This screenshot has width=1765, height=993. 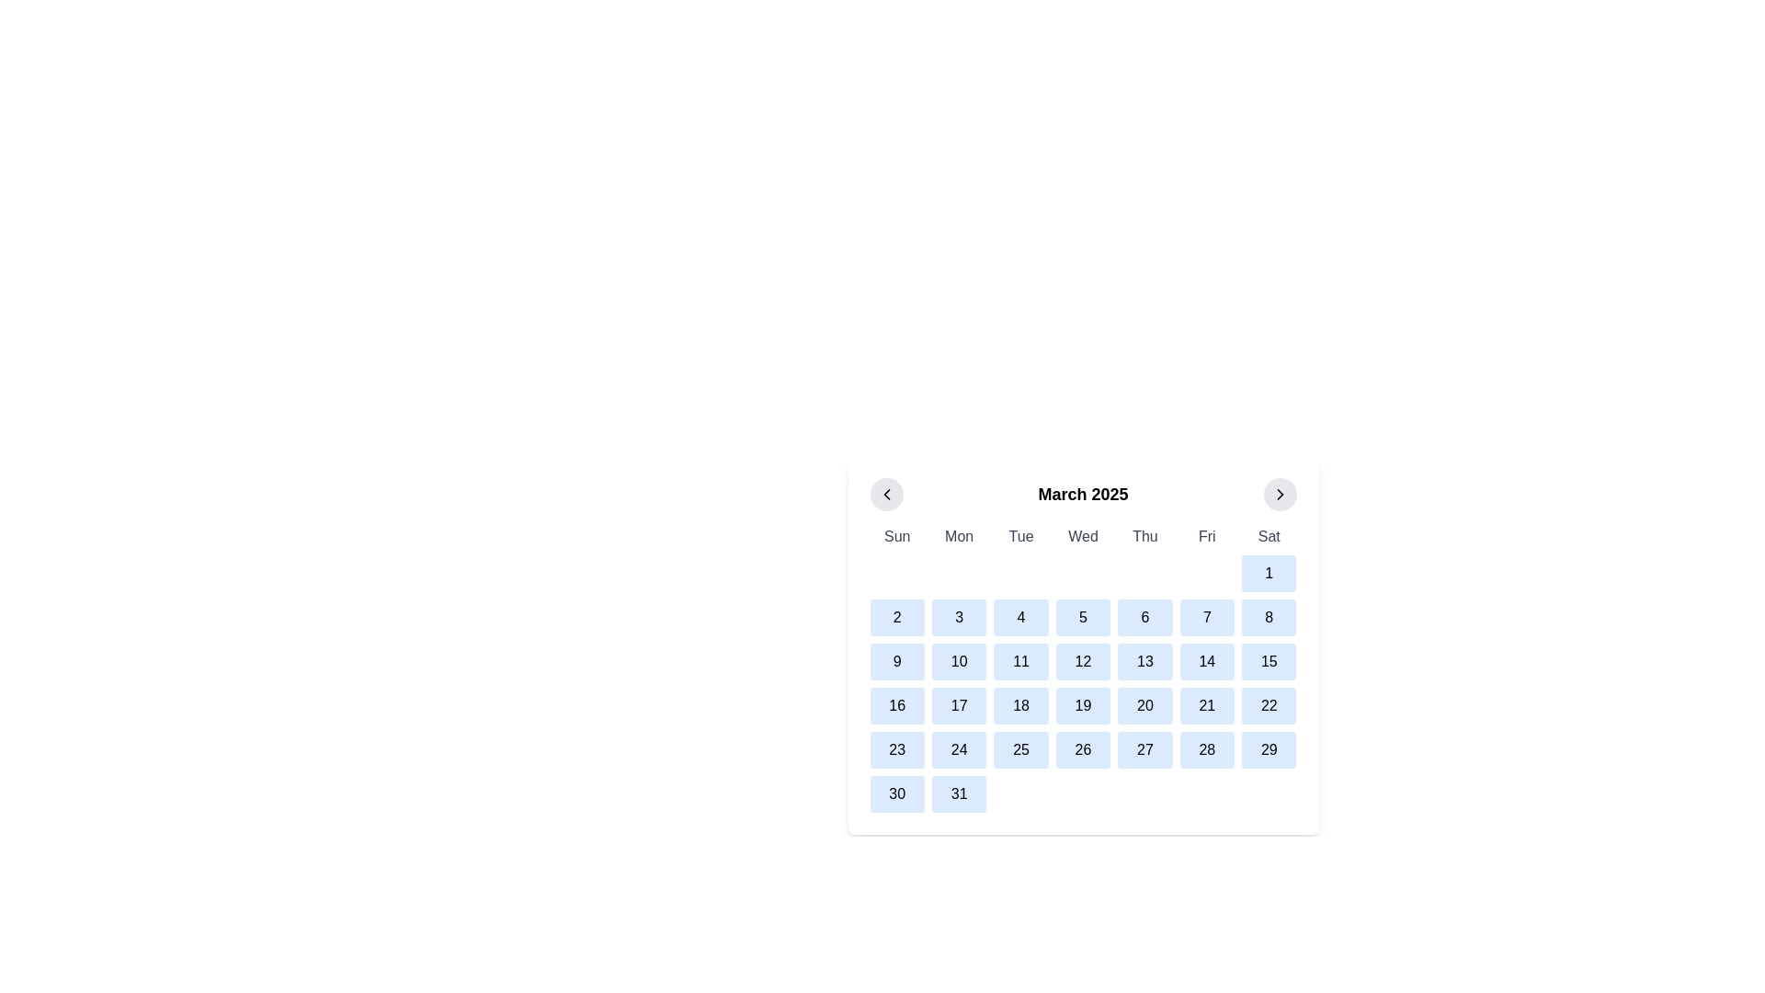 What do you see at coordinates (958, 750) in the screenshot?
I see `the rounded rectangular button labeled '24' with a light blue background to change its background color` at bounding box center [958, 750].